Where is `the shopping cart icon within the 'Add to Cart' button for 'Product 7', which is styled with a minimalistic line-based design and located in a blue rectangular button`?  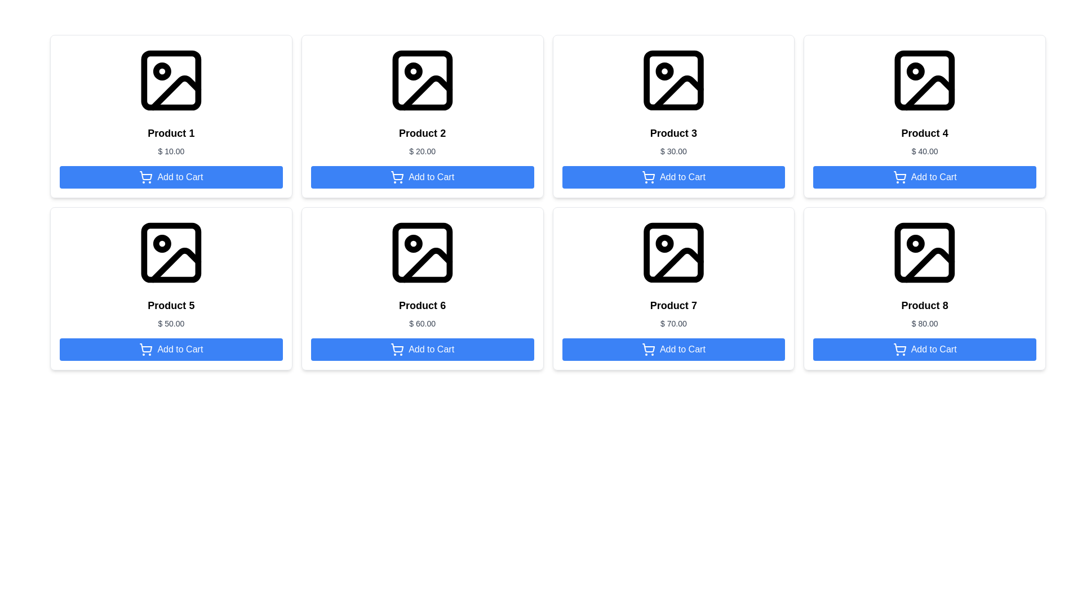 the shopping cart icon within the 'Add to Cart' button for 'Product 7', which is styled with a minimalistic line-based design and located in a blue rectangular button is located at coordinates (649, 347).